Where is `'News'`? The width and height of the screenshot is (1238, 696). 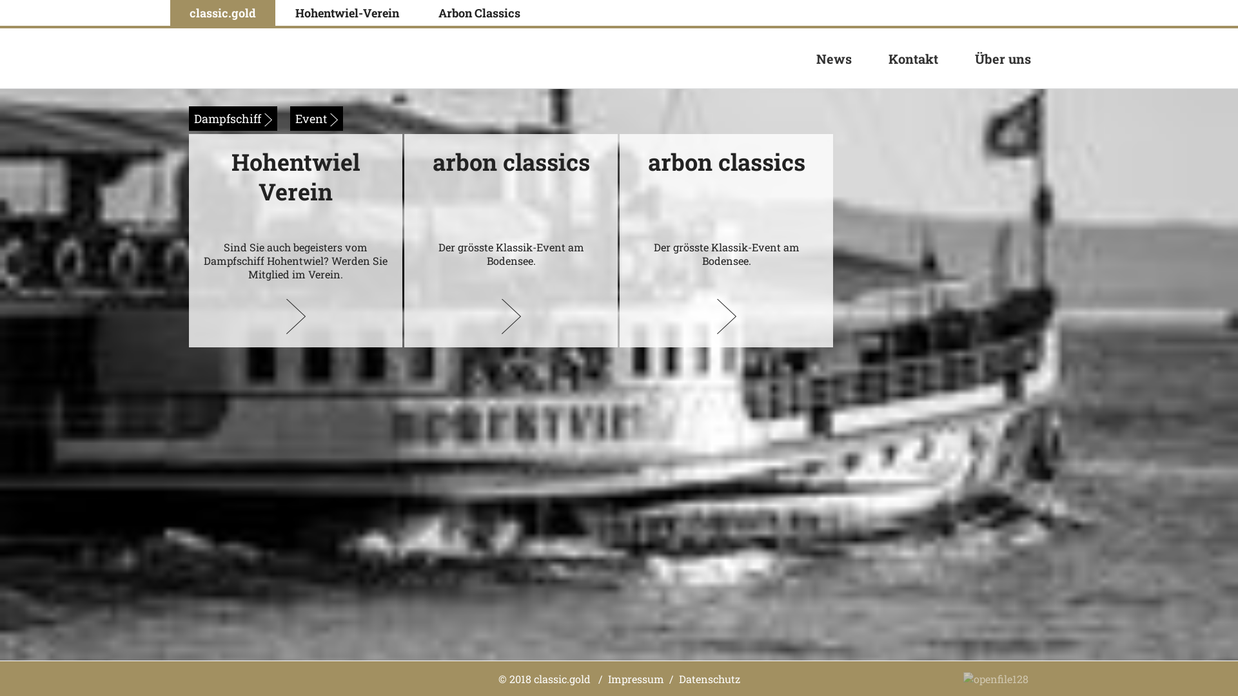 'News' is located at coordinates (834, 59).